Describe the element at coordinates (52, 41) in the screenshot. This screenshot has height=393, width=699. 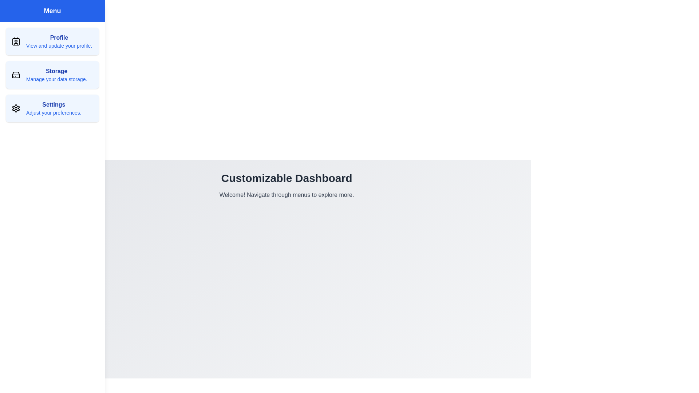
I see `the 'Profile' menu item to view and update your profile` at that location.